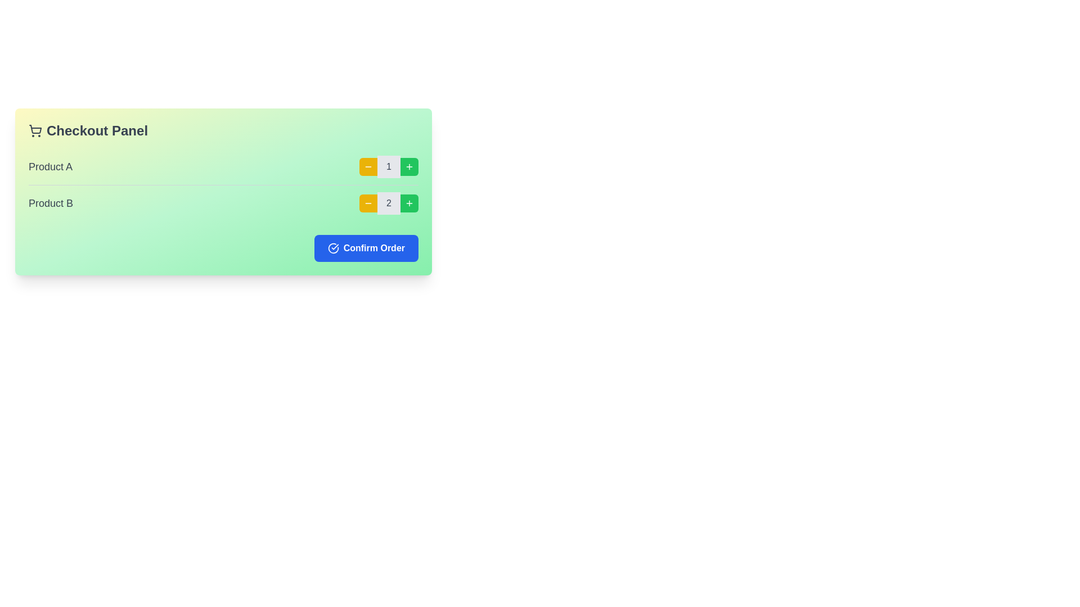  What do you see at coordinates (368, 167) in the screenshot?
I see `the button to the left of the numeric display '1' in the quantity control for 'Product A' to decrease the product count` at bounding box center [368, 167].